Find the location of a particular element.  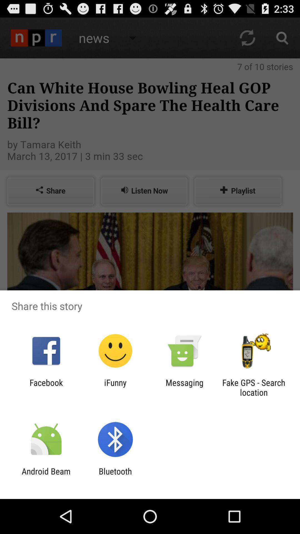

app next to the facebook icon is located at coordinates (115, 387).